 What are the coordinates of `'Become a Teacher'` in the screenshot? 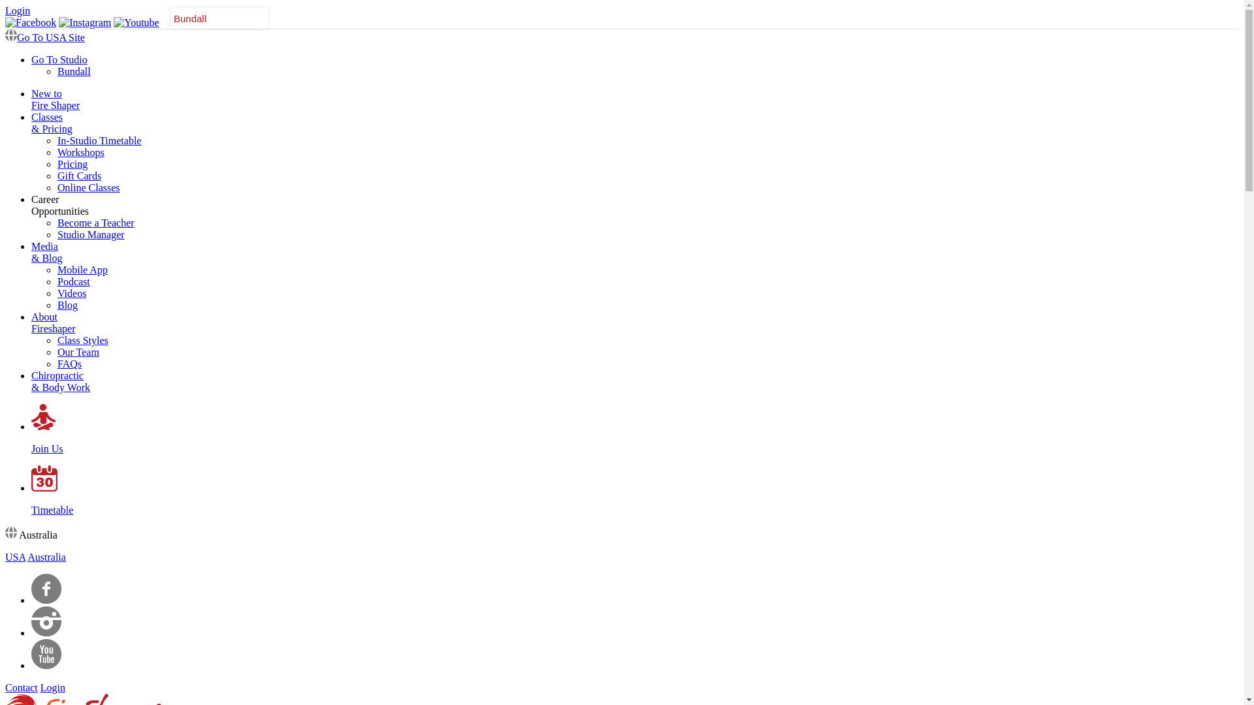 It's located at (95, 222).